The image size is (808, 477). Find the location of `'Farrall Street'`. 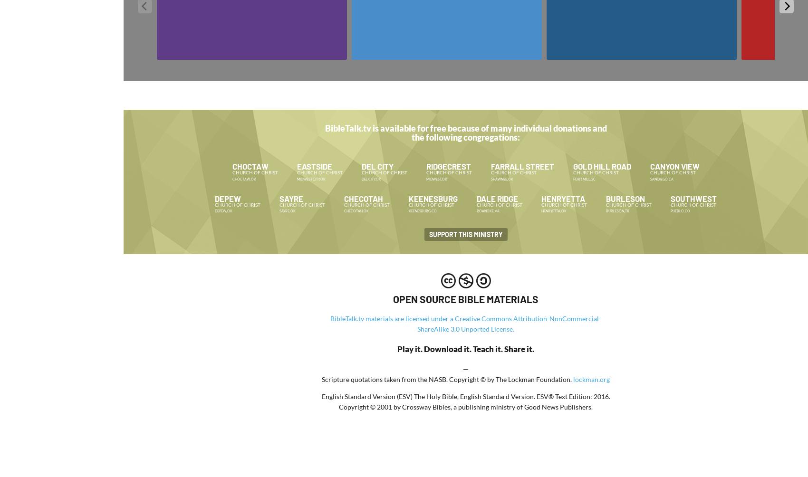

'Farrall Street' is located at coordinates (522, 165).